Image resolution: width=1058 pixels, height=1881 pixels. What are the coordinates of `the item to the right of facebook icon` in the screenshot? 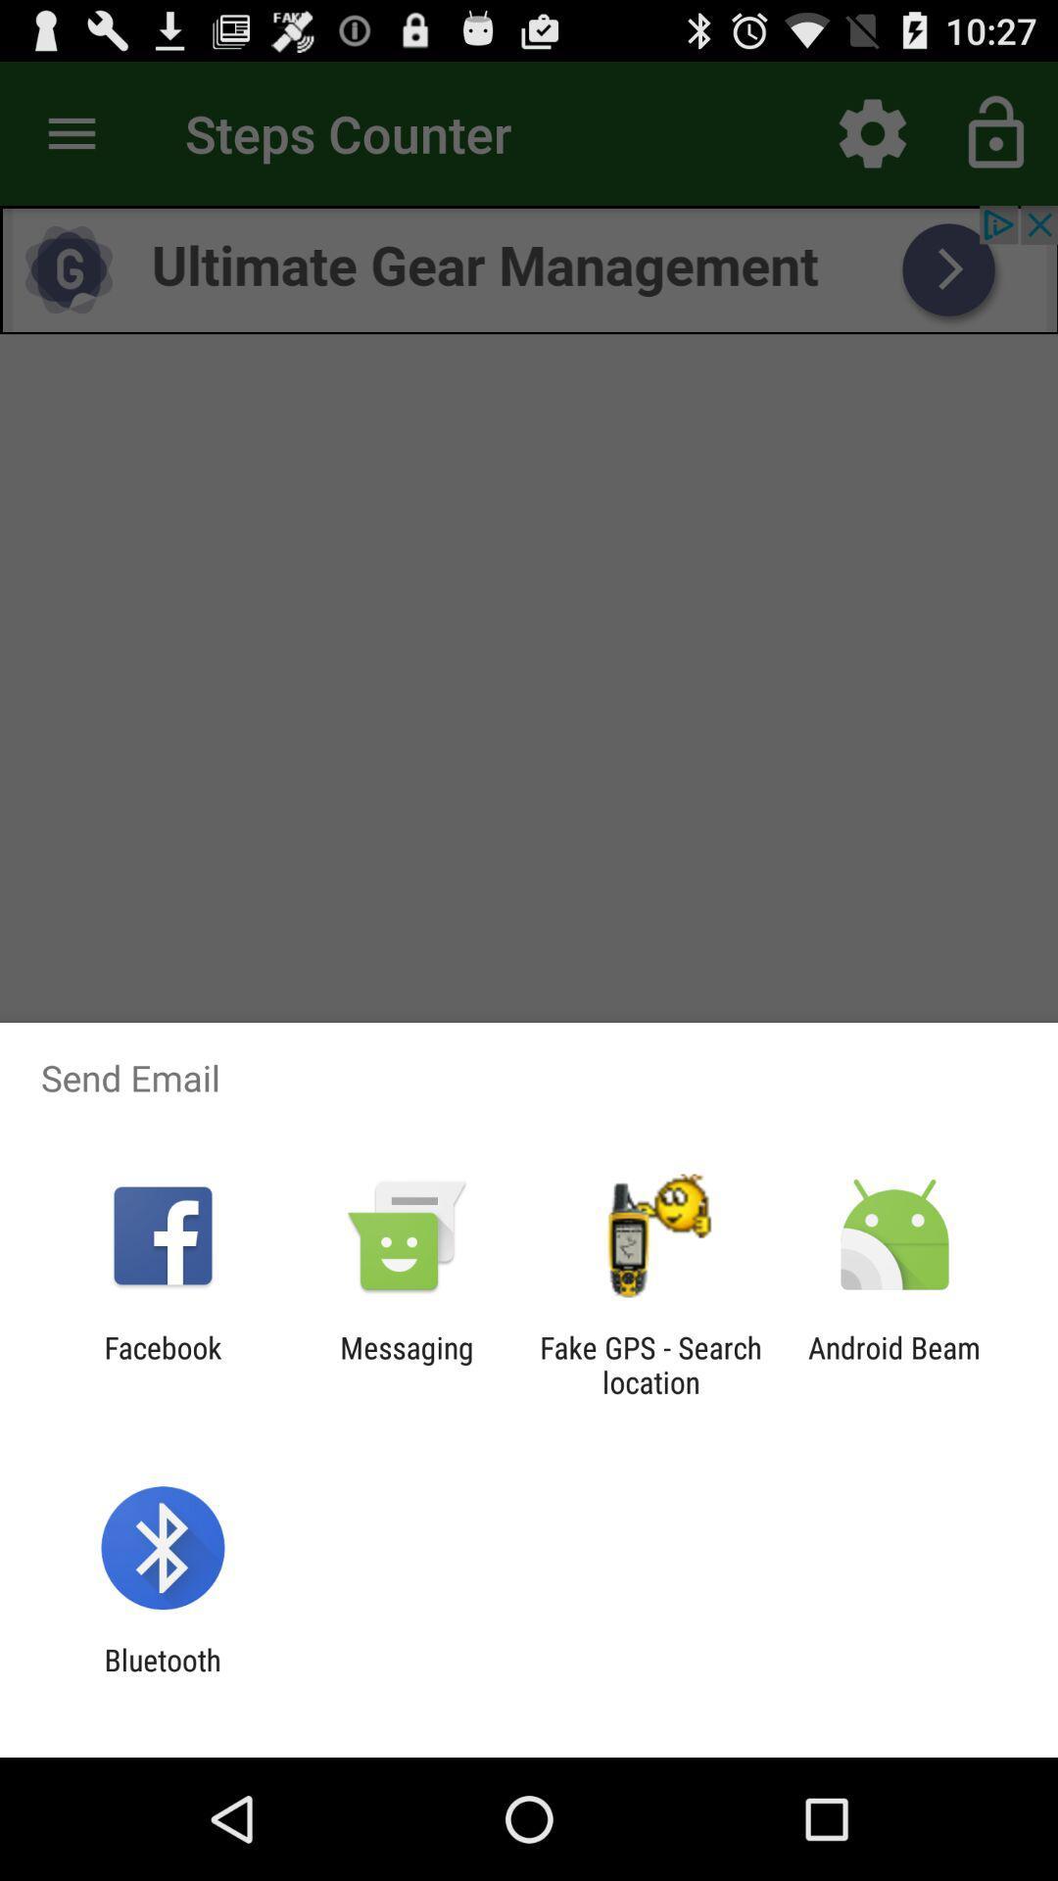 It's located at (406, 1364).